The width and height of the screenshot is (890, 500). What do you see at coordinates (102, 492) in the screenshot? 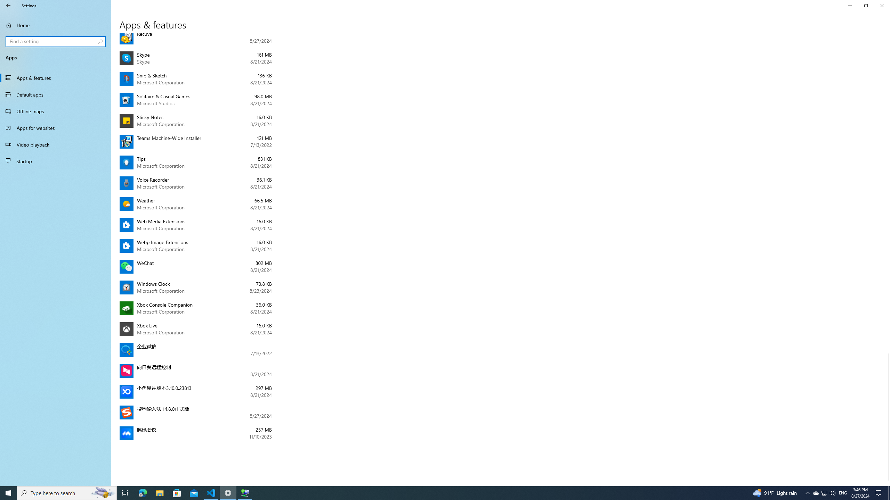
I see `'Search highlights icon opens search home window'` at bounding box center [102, 492].